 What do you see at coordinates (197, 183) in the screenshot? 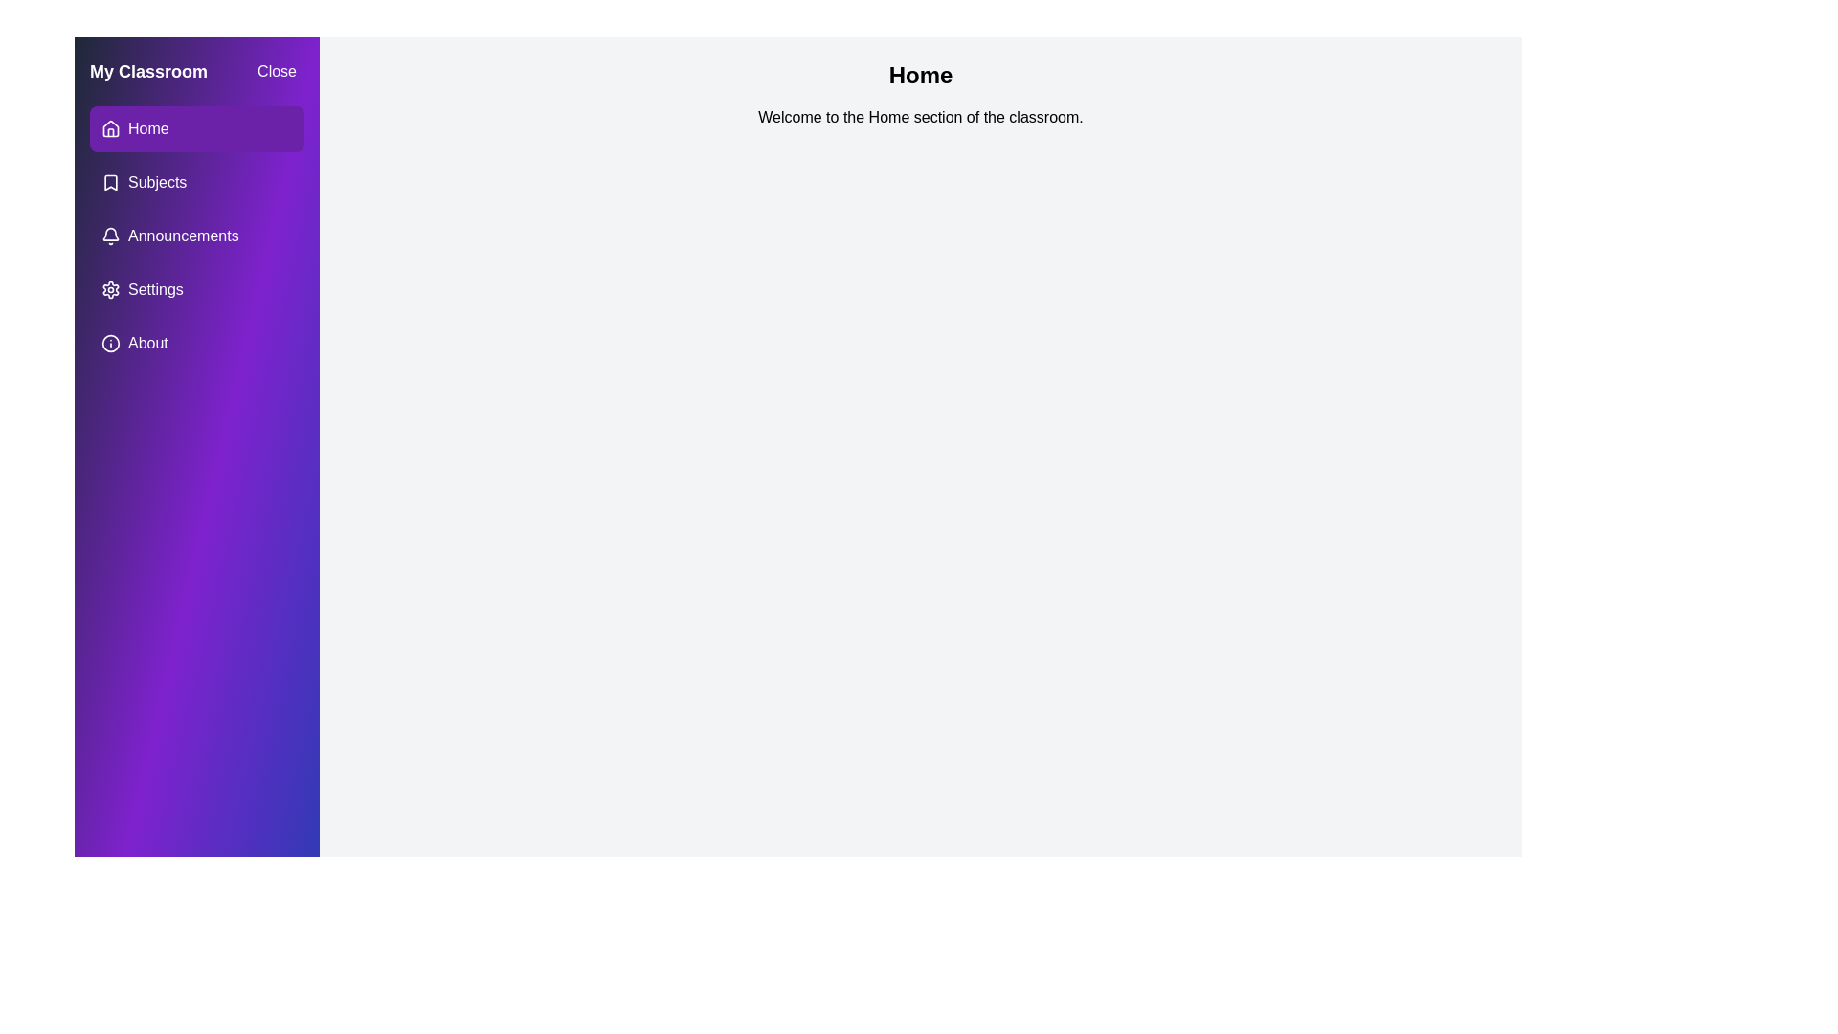
I see `the menu item labeled 'Subjects' to observe visual feedback` at bounding box center [197, 183].